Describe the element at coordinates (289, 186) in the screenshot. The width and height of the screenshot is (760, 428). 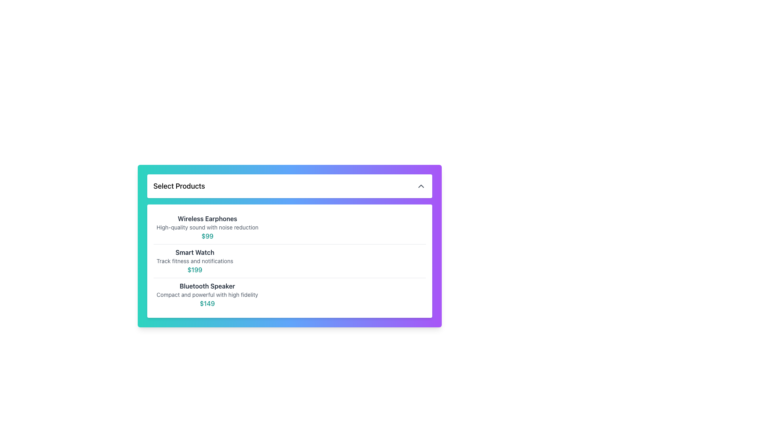
I see `the Collapsible Header element which serves as a trigger to expand or collapse the product list for accessibility purposes` at that location.